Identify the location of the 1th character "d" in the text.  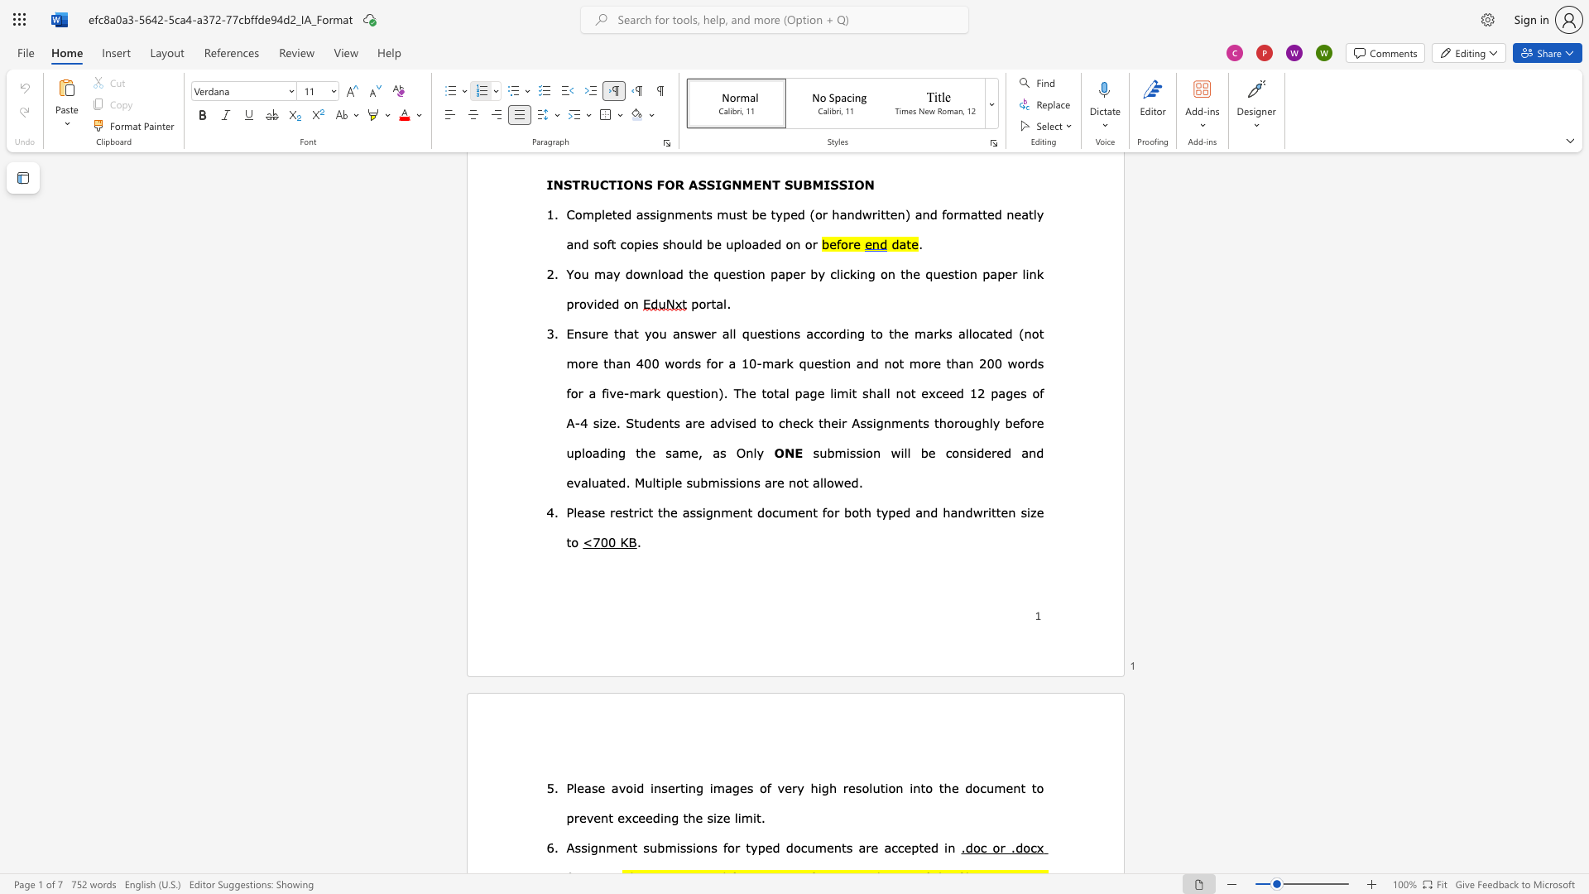
(905, 511).